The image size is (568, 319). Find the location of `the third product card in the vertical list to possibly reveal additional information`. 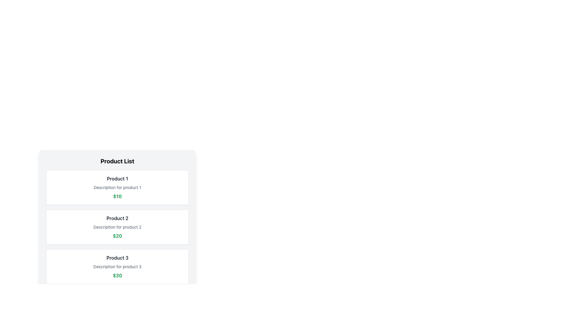

the third product card in the vertical list to possibly reveal additional information is located at coordinates (117, 266).